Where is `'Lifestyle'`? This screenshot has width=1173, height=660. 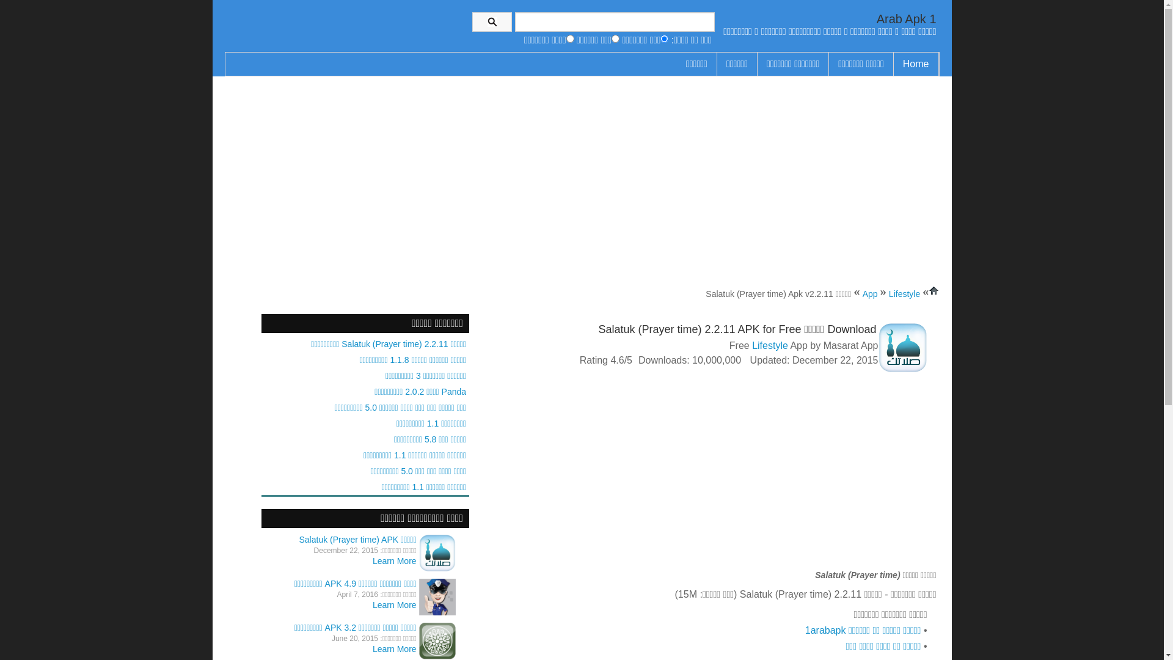
'Lifestyle' is located at coordinates (751, 345).